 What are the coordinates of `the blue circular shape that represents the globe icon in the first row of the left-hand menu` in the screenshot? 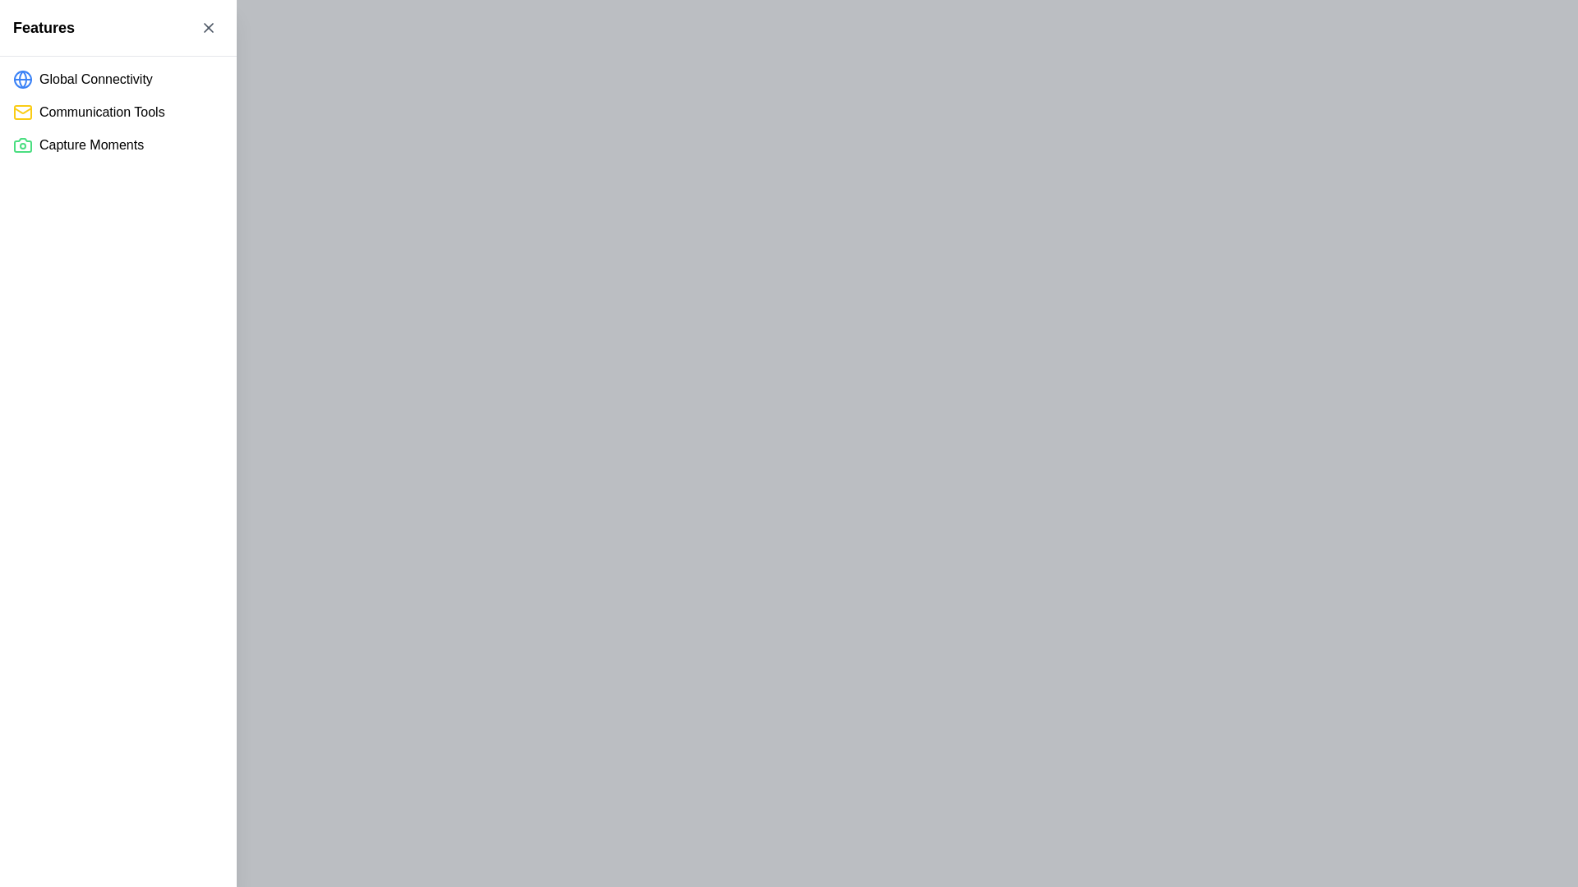 It's located at (23, 79).